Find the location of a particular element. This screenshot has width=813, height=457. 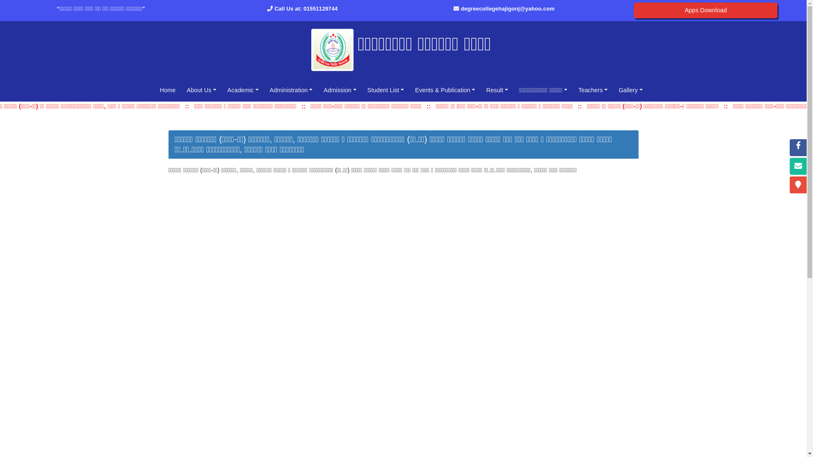

'01551129744' is located at coordinates (320, 8).